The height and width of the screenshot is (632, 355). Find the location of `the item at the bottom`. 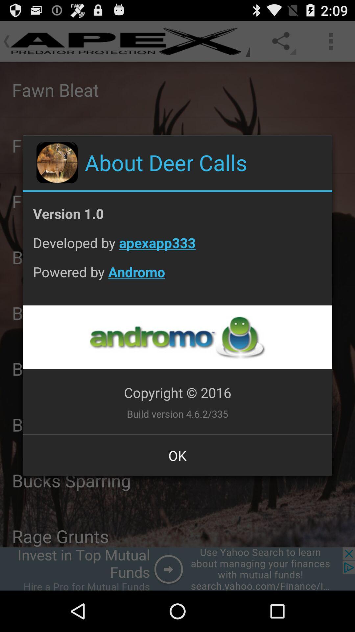

the item at the bottom is located at coordinates (177, 455).